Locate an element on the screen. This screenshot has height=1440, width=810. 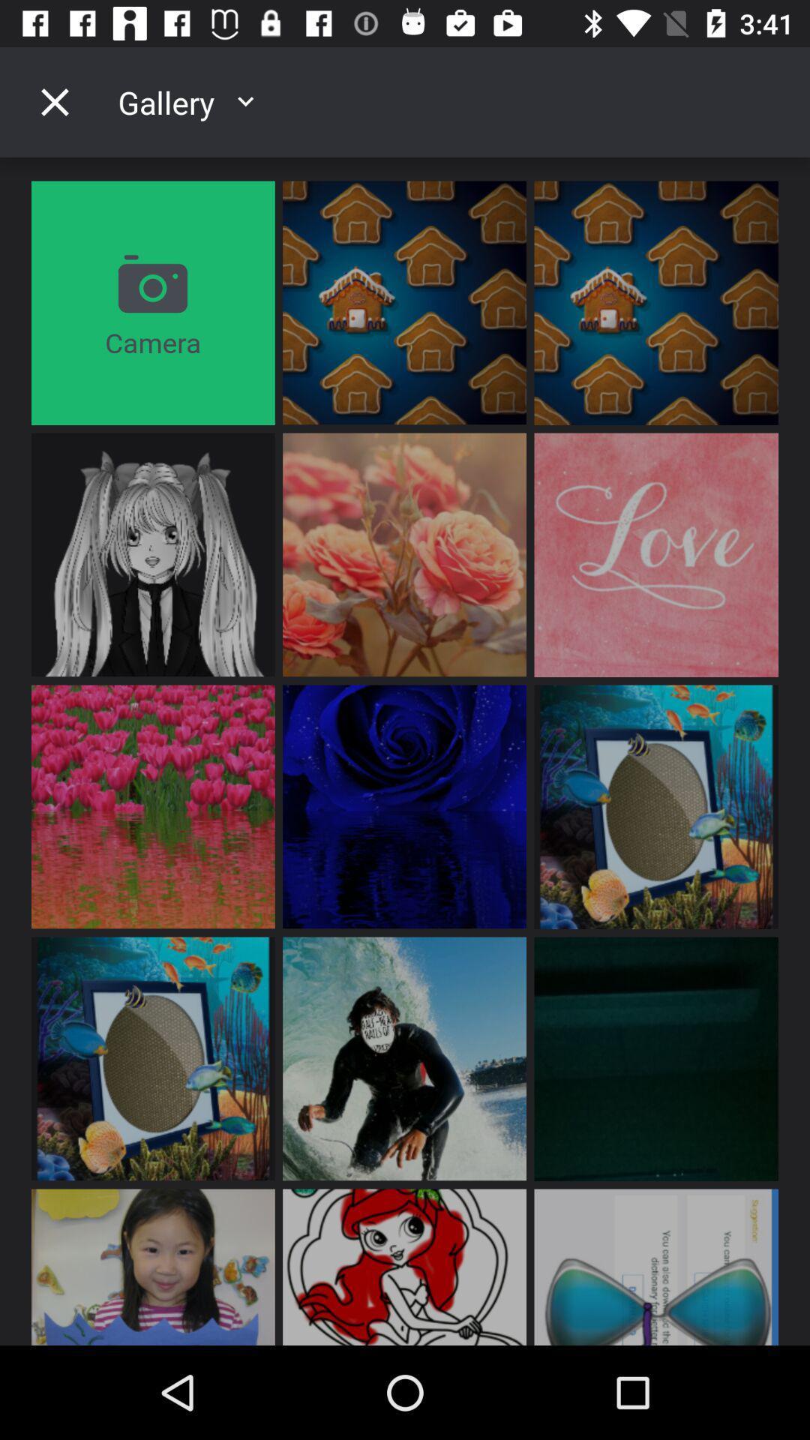
the image which is third row first box is located at coordinates (153, 805).